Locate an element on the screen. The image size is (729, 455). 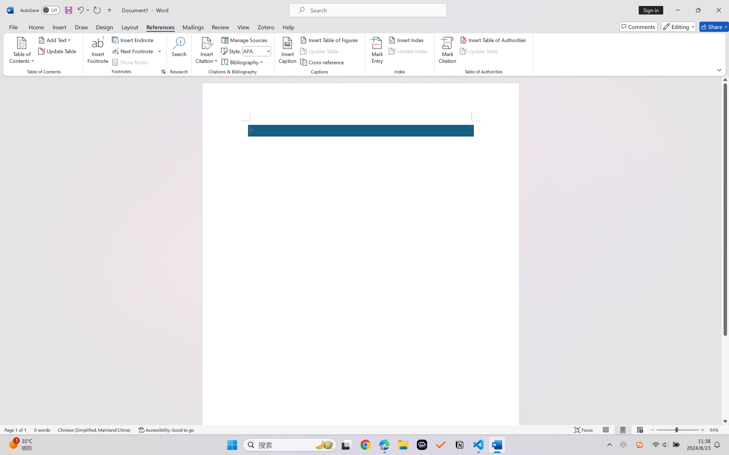
'Language Chinese (Simplified, Mainland China)' is located at coordinates (94, 430).